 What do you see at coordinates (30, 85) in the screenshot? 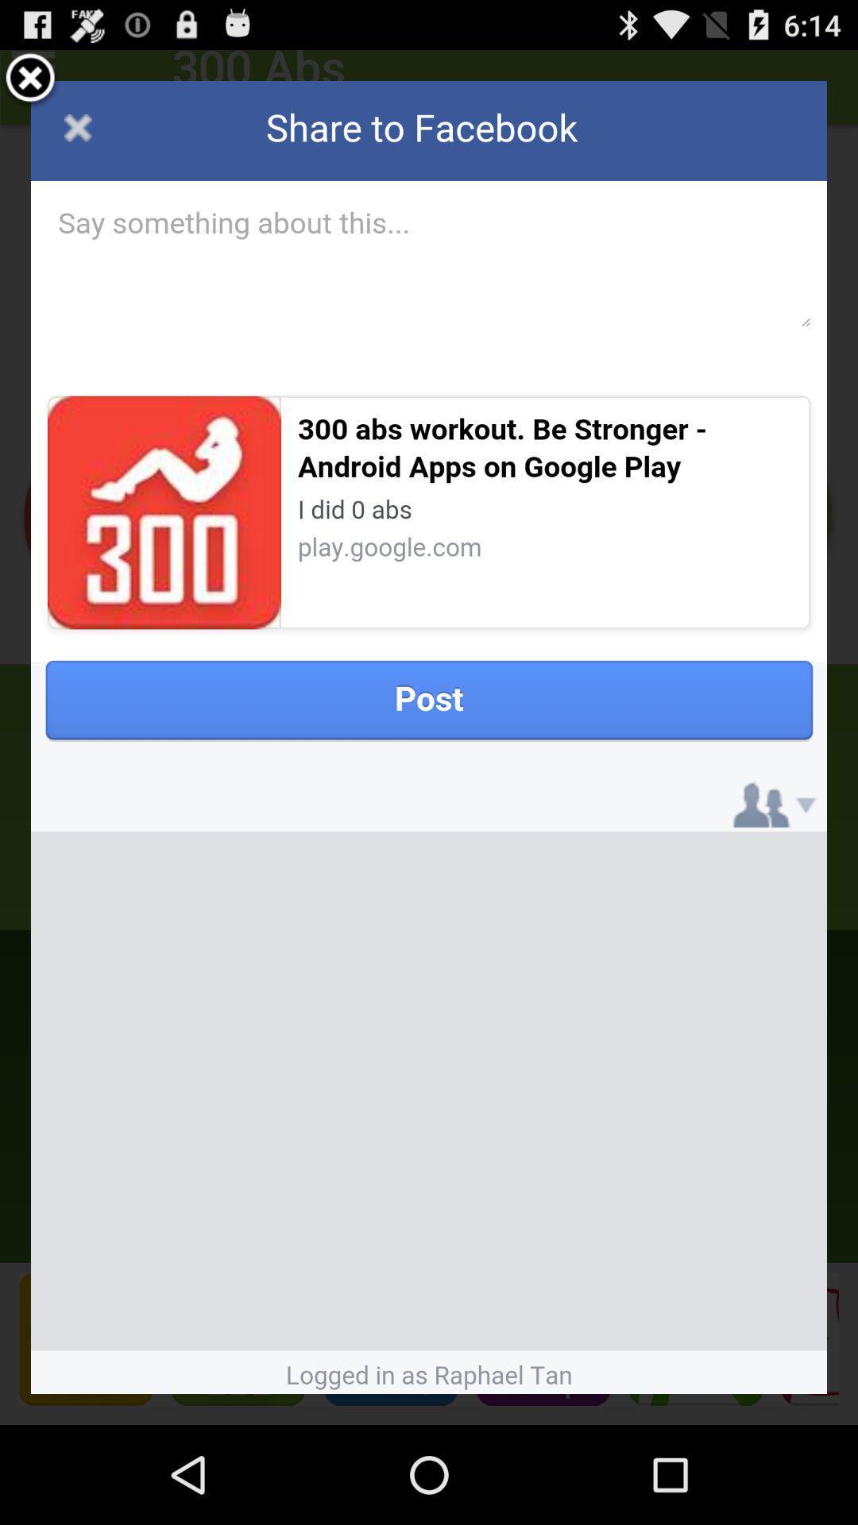
I see `the close icon` at bounding box center [30, 85].